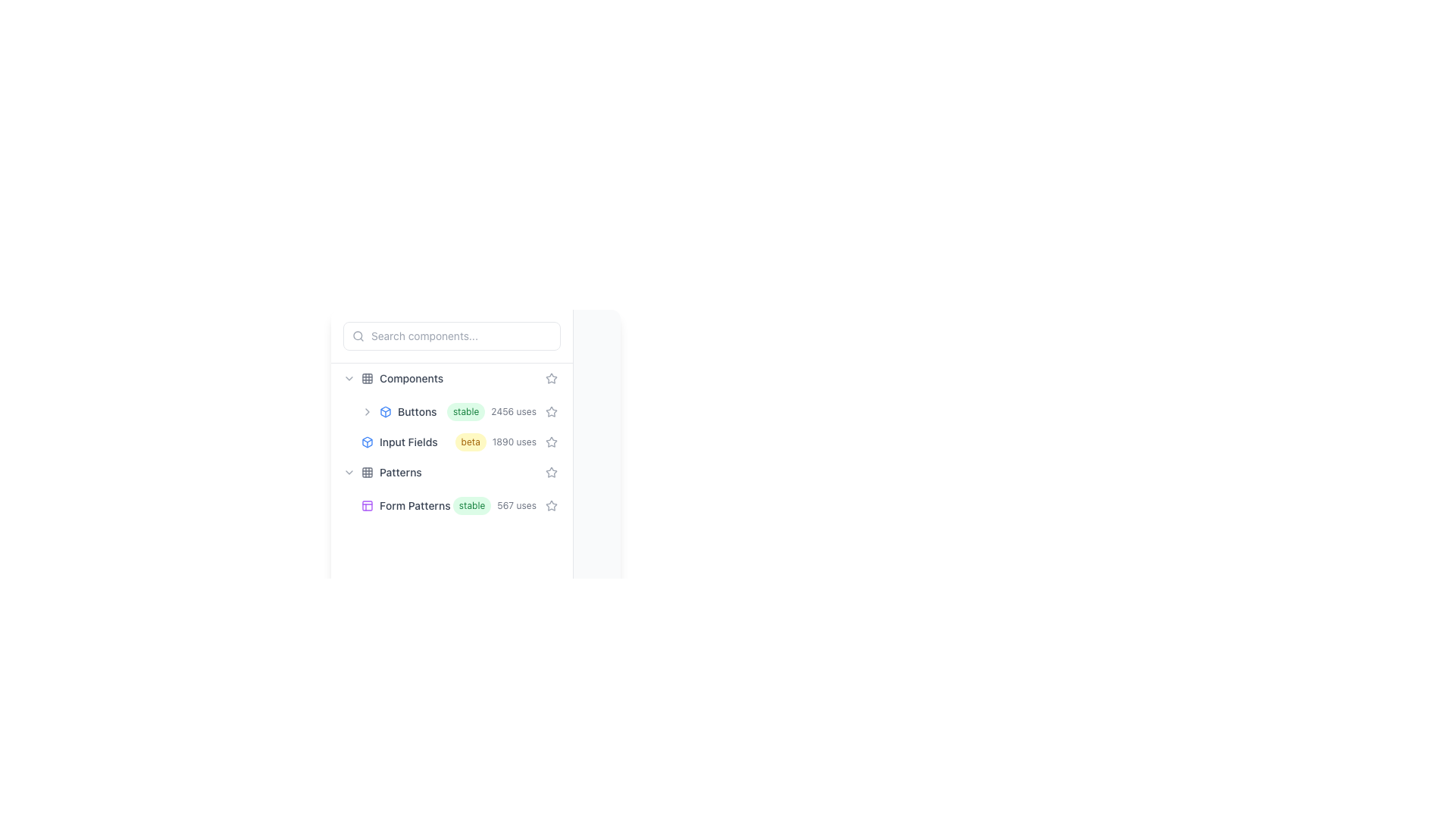  Describe the element at coordinates (551, 505) in the screenshot. I see `the star-shaped icon next to the 'Form Patterns' text in the 'Patterns' section` at that location.